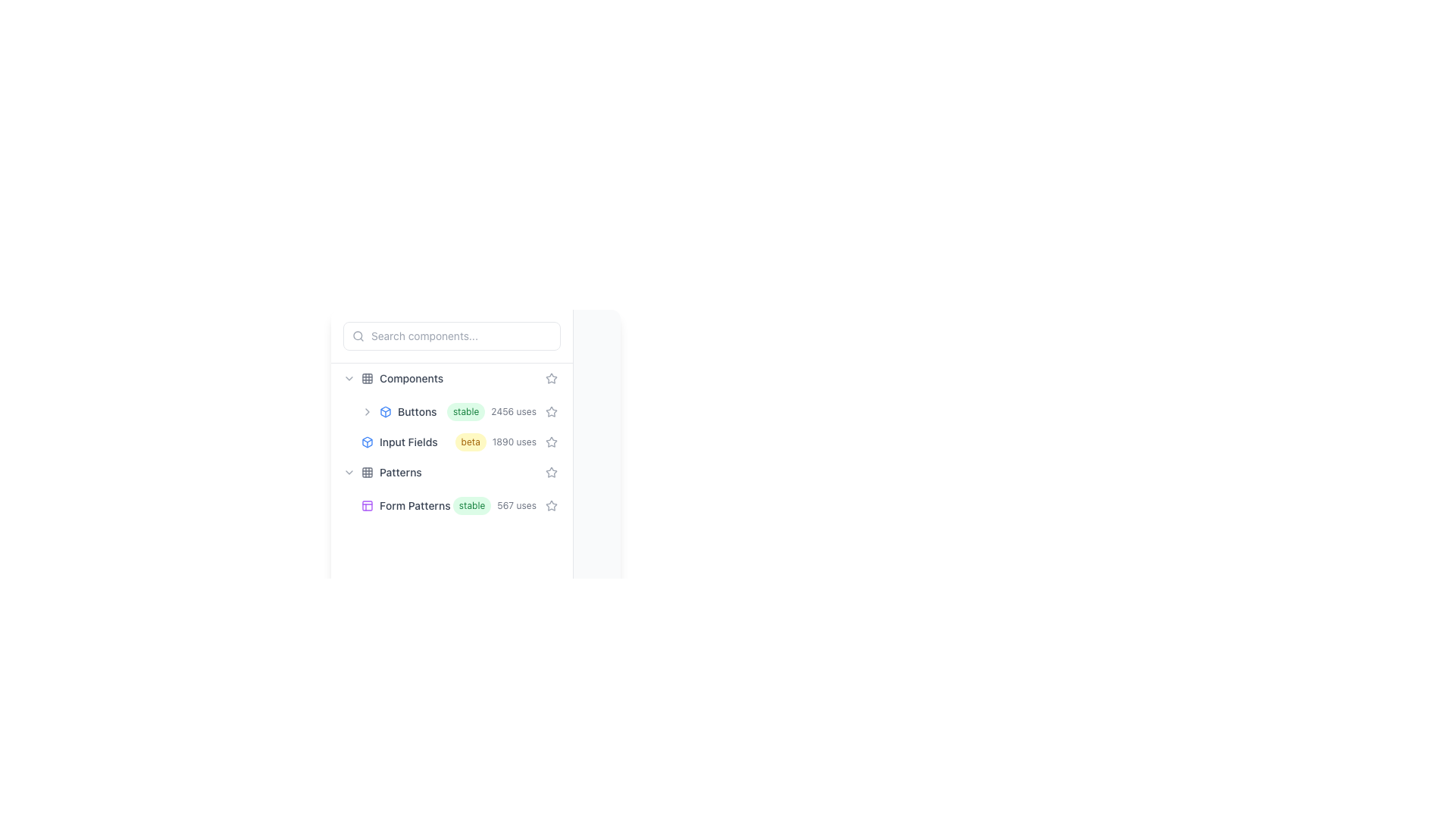  Describe the element at coordinates (551, 505) in the screenshot. I see `the star-shaped icon next to the 'Form Patterns' text in the 'Patterns' section` at that location.